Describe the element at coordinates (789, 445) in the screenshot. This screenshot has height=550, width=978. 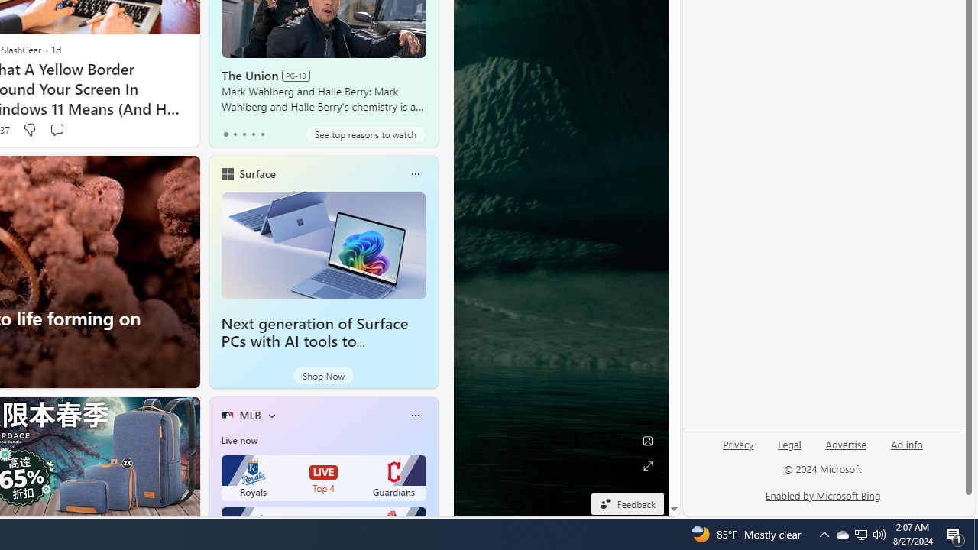
I see `'Legal'` at that location.